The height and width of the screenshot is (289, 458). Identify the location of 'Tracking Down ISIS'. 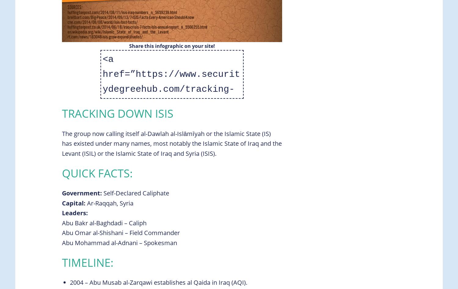
(118, 113).